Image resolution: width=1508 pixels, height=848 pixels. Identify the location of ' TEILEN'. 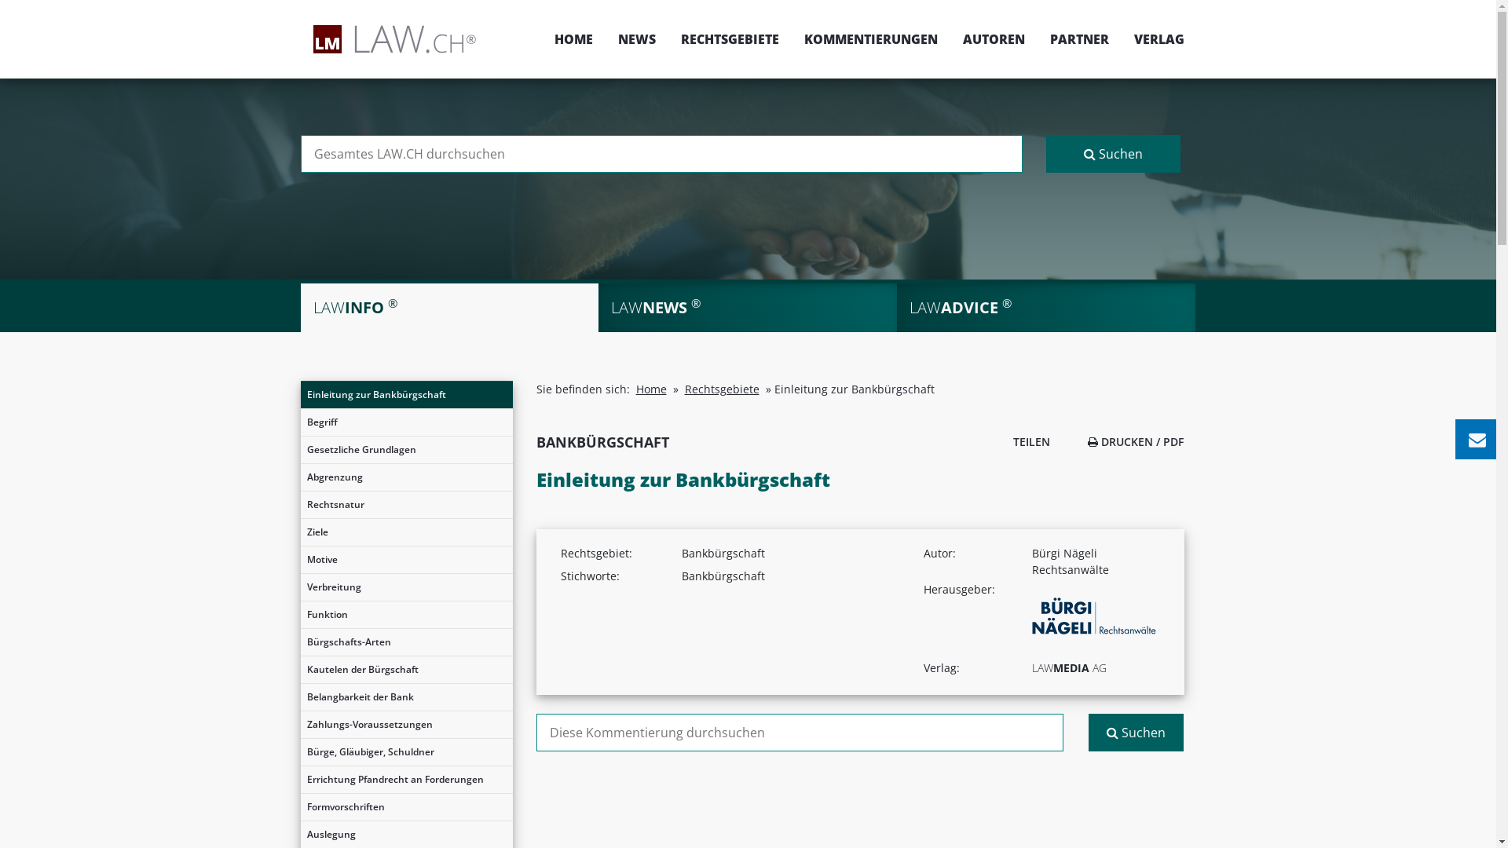
(1027, 441).